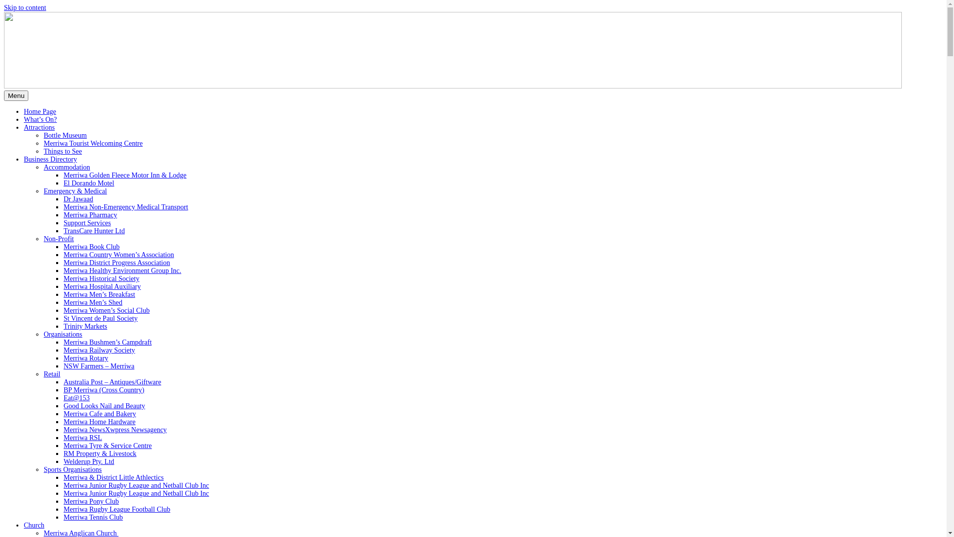 Image resolution: width=954 pixels, height=537 pixels. I want to click on 'Merriwa Rugby League Football Club', so click(117, 509).